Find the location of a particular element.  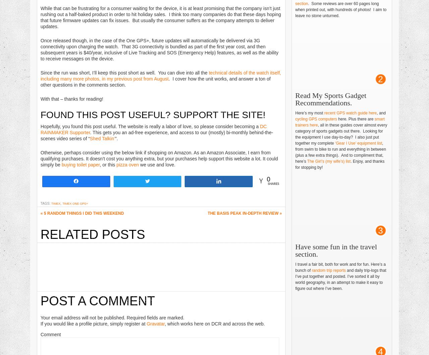

'and daily trip-logs that I’ve put together and posted. I’ve sorted it all by world geography, in an attempt to make it easy to figure out where I’ve been.' is located at coordinates (341, 279).